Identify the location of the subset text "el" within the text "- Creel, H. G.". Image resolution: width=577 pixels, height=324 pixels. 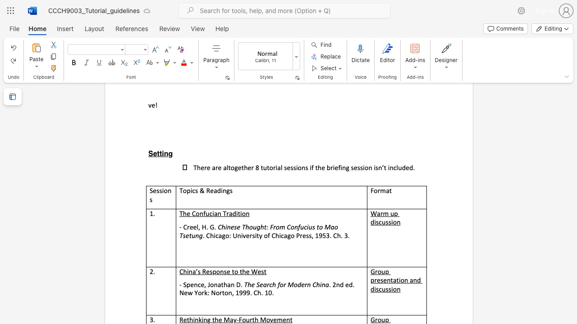
(192, 226).